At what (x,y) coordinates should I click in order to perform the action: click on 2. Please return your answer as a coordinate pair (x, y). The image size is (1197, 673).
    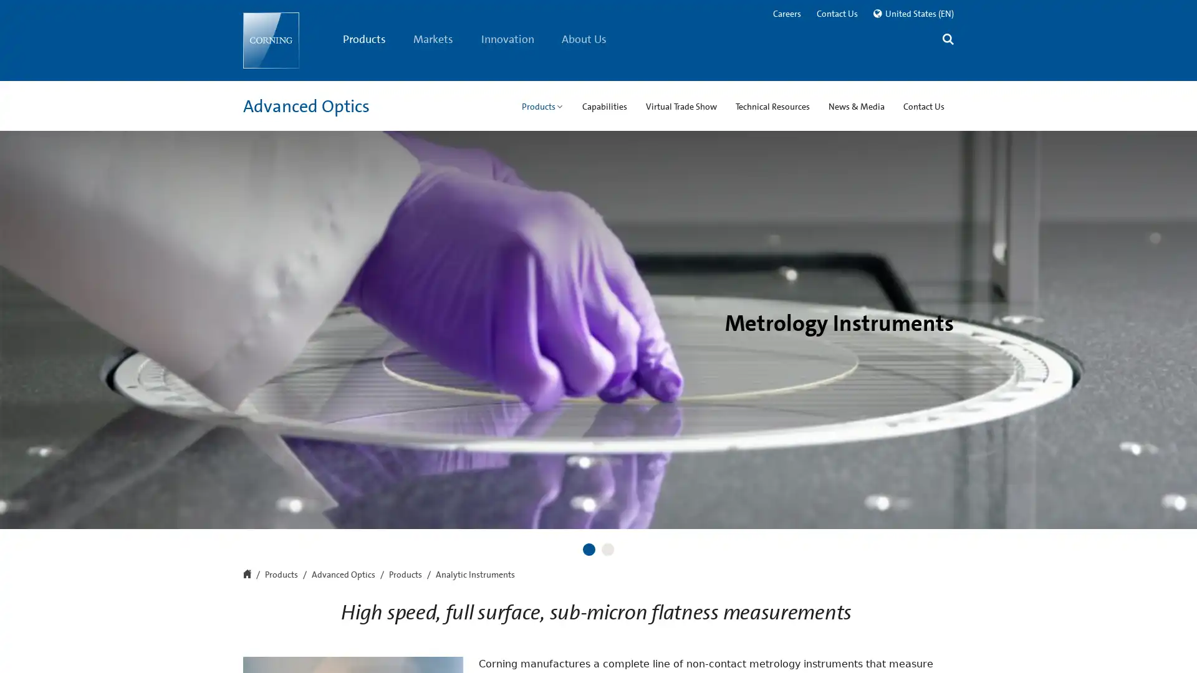
    Looking at the image, I should click on (607, 549).